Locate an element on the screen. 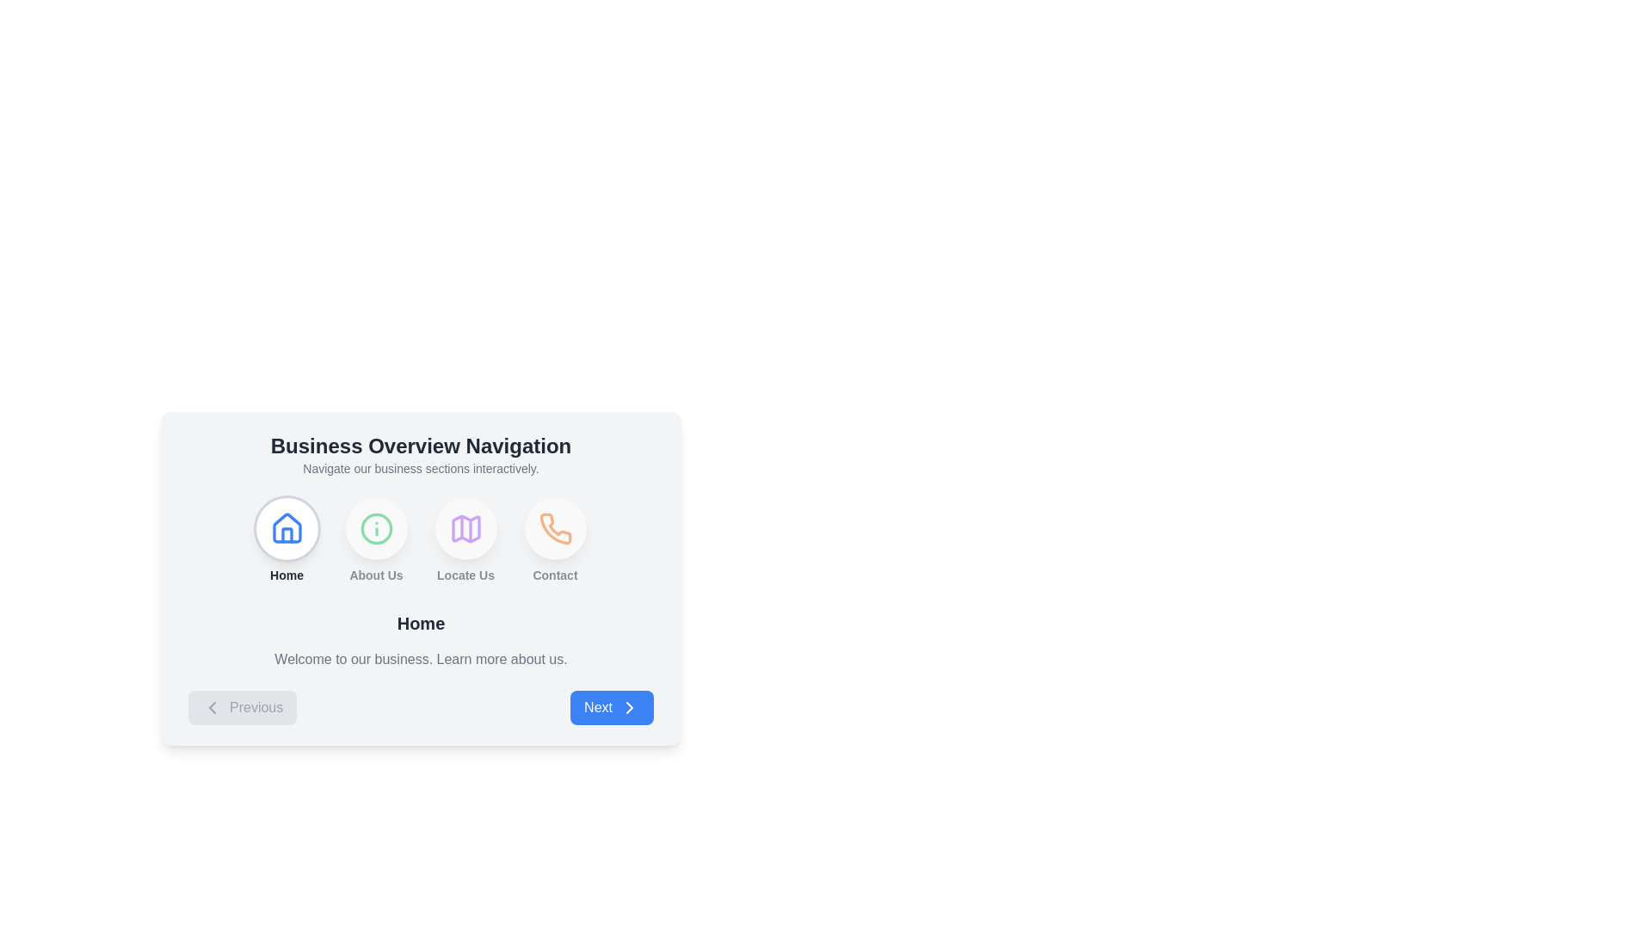  the map icon that is part of the 'Locate Us' button, which is the third button from the left in a row of four at the bottom center of the interface is located at coordinates (465, 527).